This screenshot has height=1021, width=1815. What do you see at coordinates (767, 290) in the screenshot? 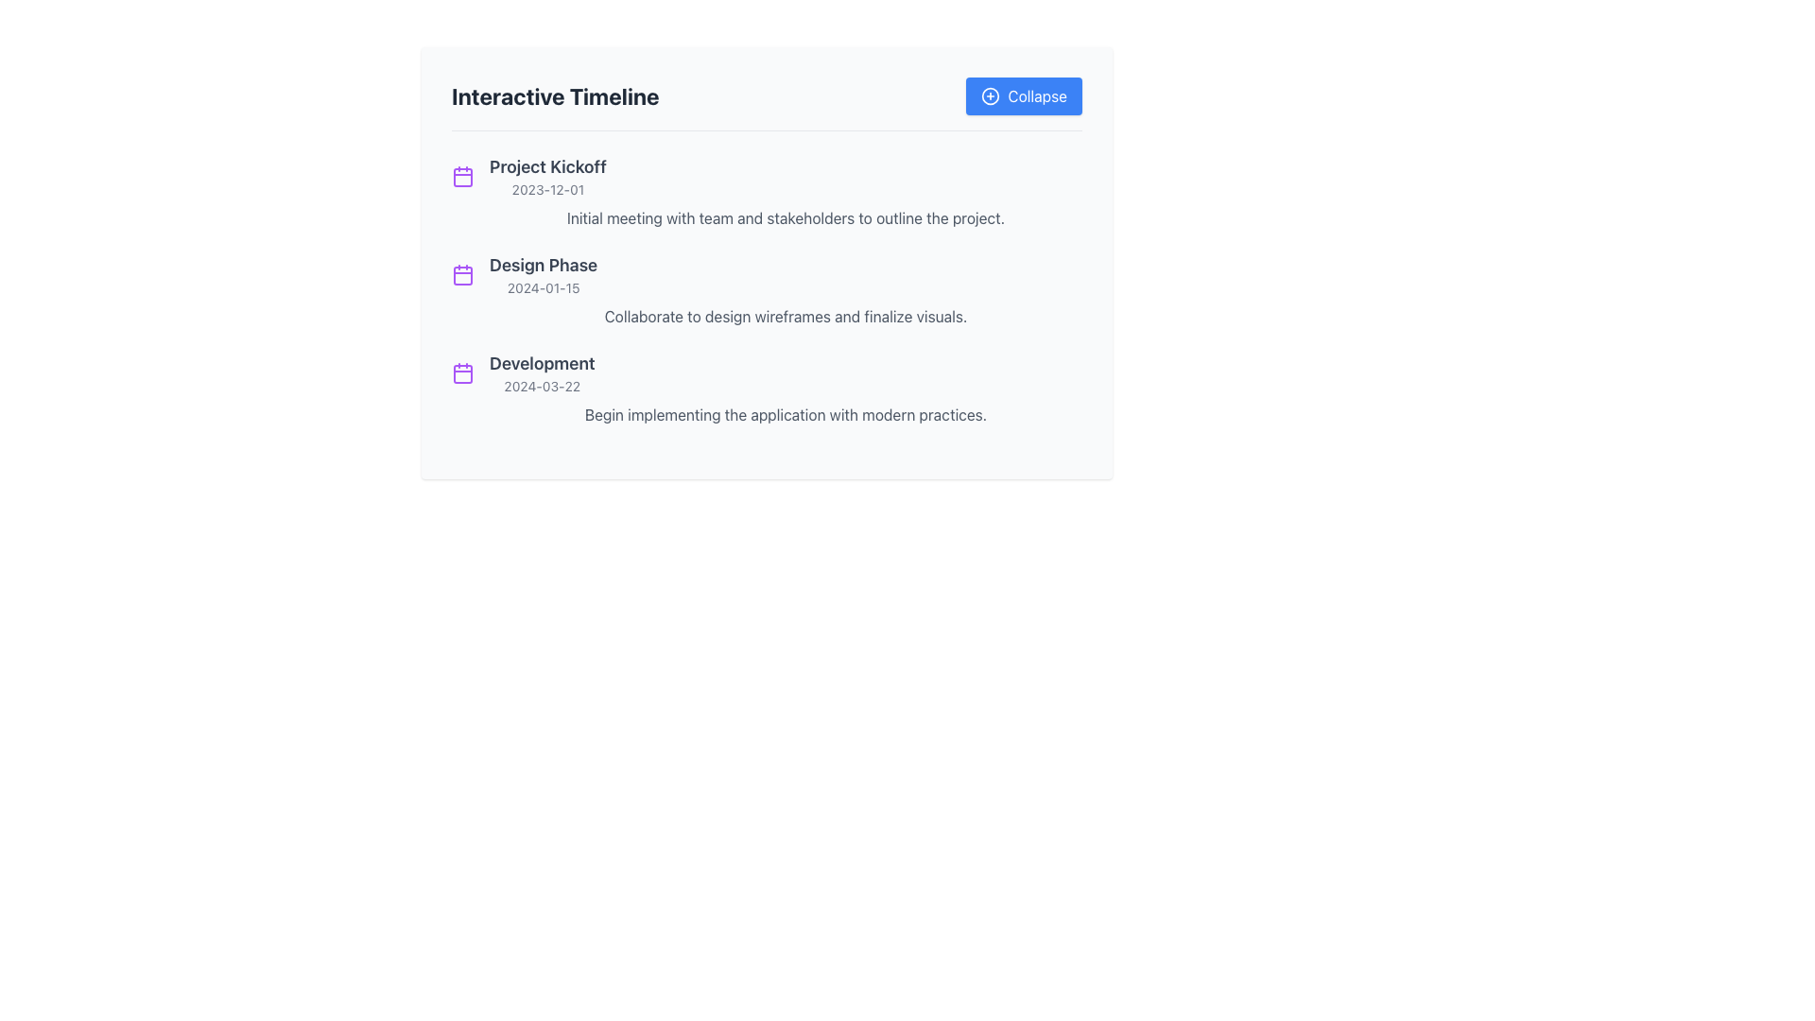
I see `an individual item within the Interactive Timeline display component, which presents a sequence of project phases` at bounding box center [767, 290].